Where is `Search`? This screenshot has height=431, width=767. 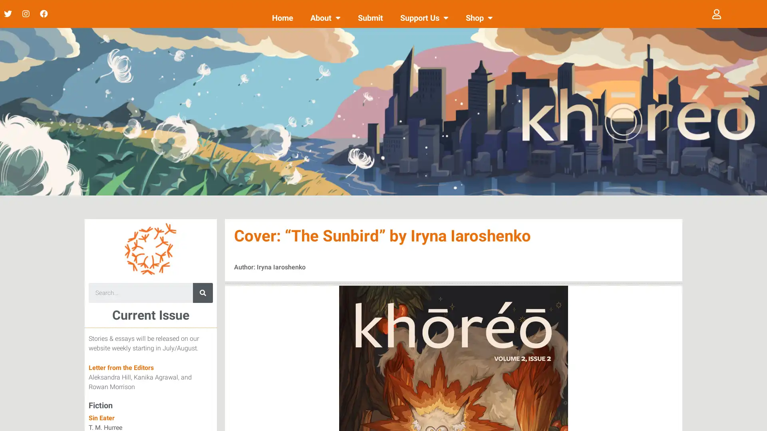
Search is located at coordinates (203, 293).